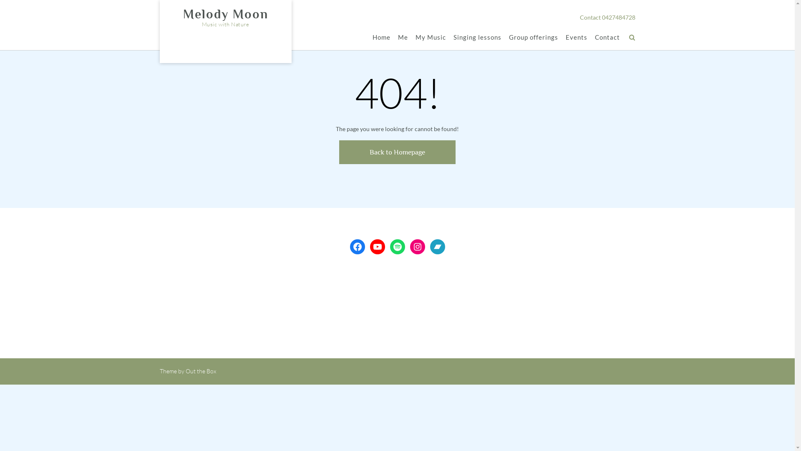  What do you see at coordinates (607, 37) in the screenshot?
I see `'Contact'` at bounding box center [607, 37].